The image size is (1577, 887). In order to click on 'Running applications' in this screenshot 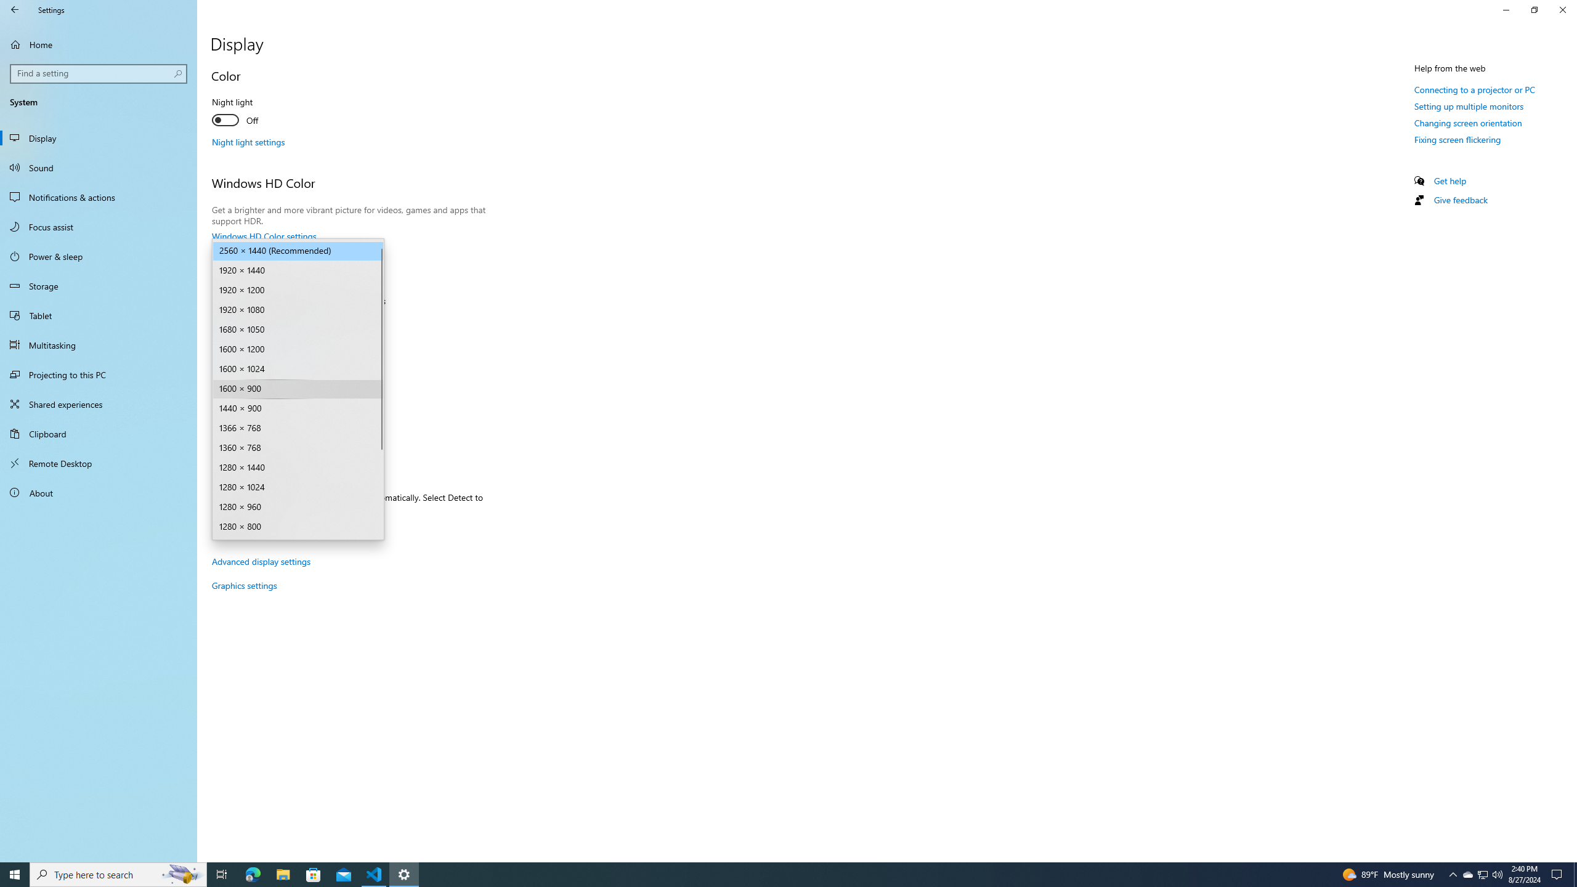, I will do `click(777, 873)`.